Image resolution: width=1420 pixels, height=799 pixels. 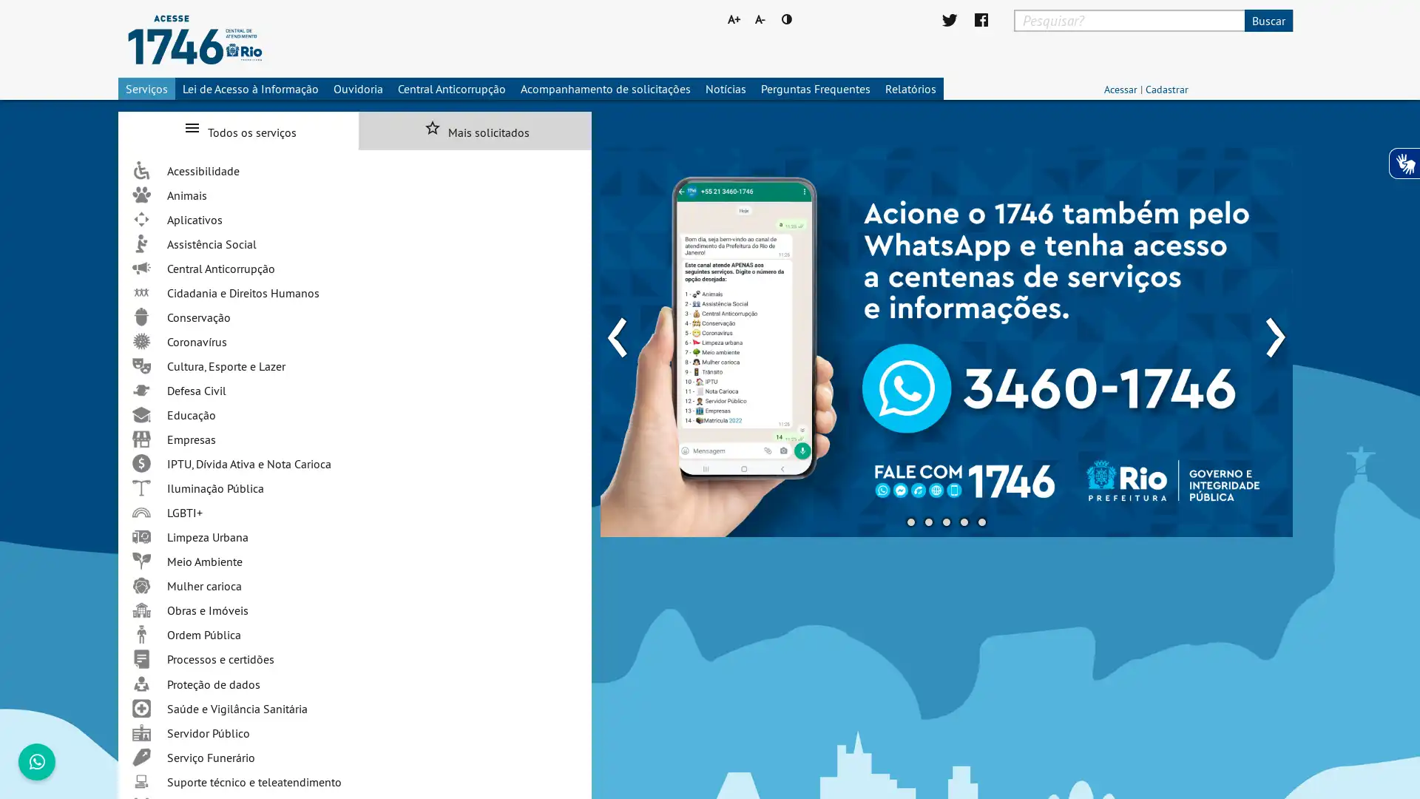 I want to click on Contraste, so click(x=786, y=19).